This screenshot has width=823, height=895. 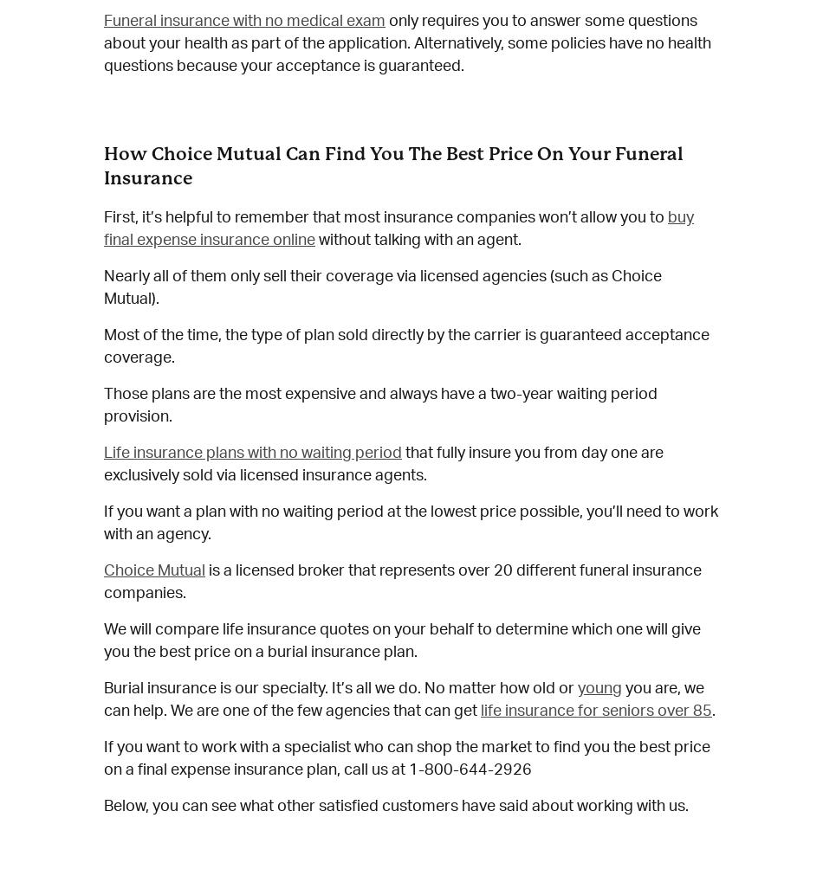 What do you see at coordinates (713, 711) in the screenshot?
I see `'.'` at bounding box center [713, 711].